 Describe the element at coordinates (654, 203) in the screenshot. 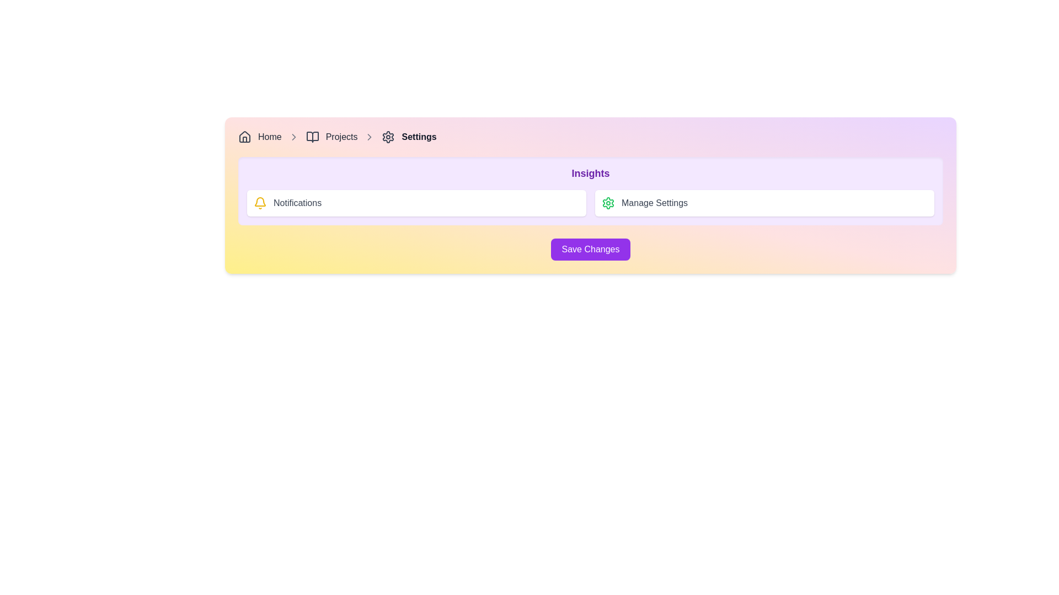

I see `the 'Manage Settings' text label to highlight and read its label` at that location.